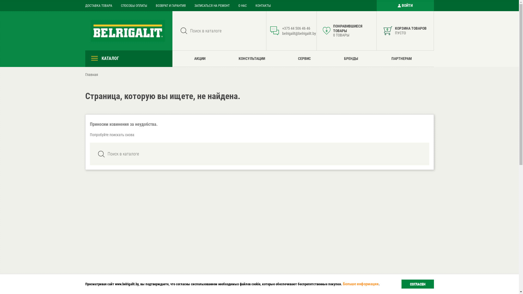 The image size is (523, 294). Describe the element at coordinates (296, 28) in the screenshot. I see `'+375 44 506 46 46'` at that location.